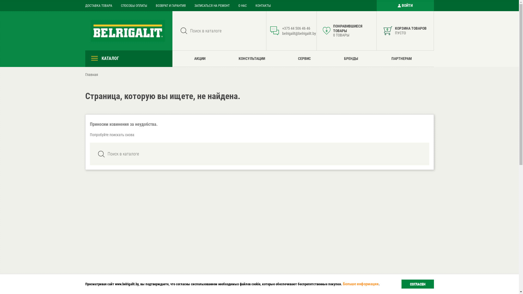 The image size is (523, 294). Describe the element at coordinates (296, 28) in the screenshot. I see `'+375 44 506 46 46'` at that location.